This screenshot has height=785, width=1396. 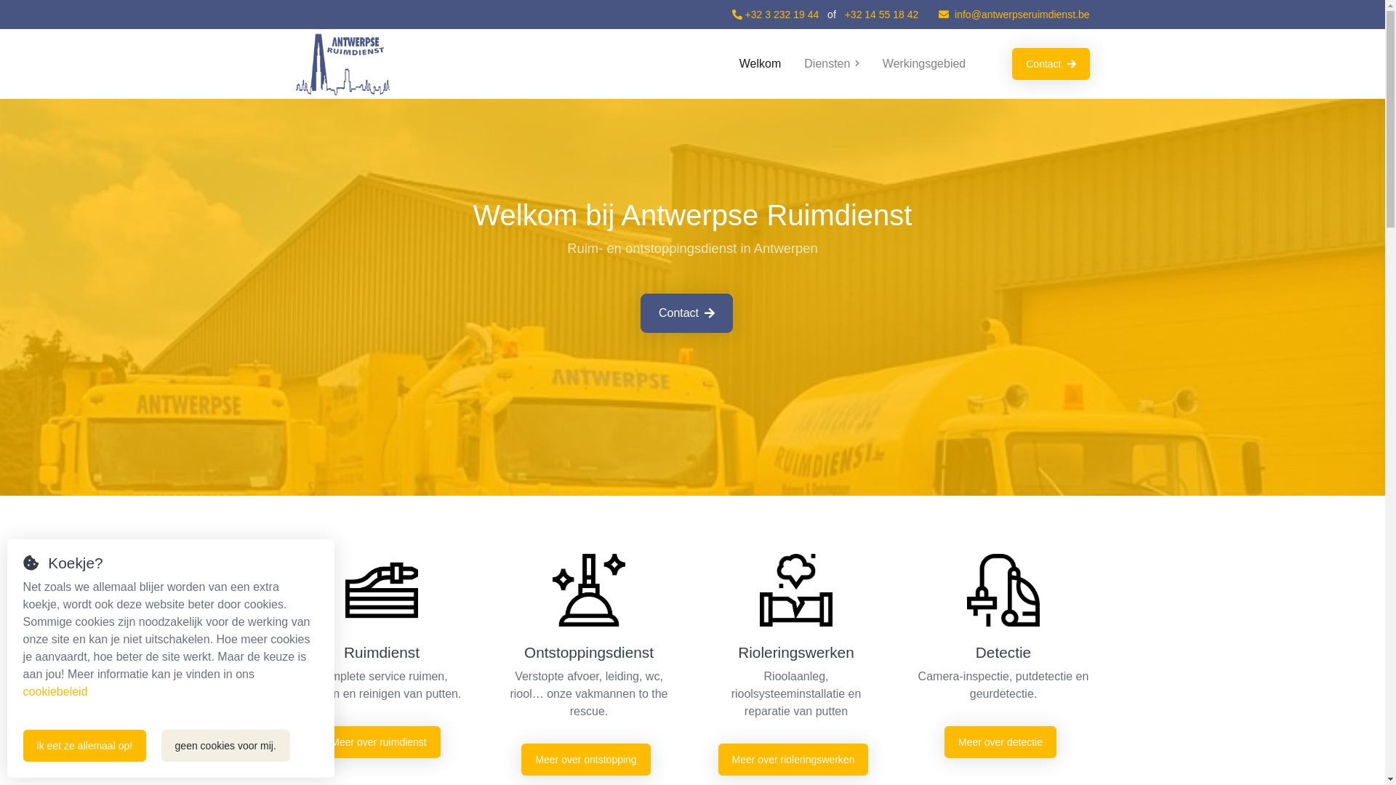 What do you see at coordinates (686, 313) in the screenshot?
I see `'Contact'` at bounding box center [686, 313].